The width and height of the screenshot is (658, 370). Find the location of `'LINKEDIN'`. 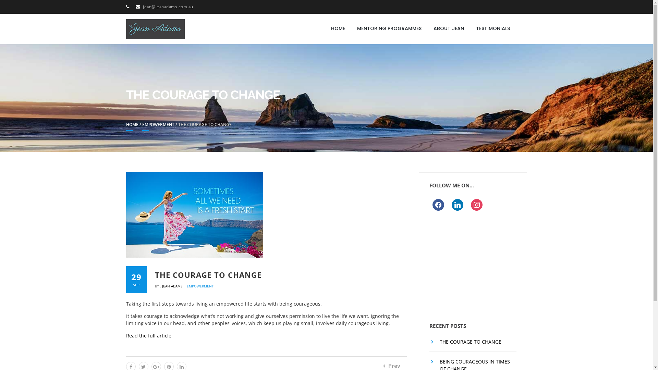

'LINKEDIN' is located at coordinates (457, 204).